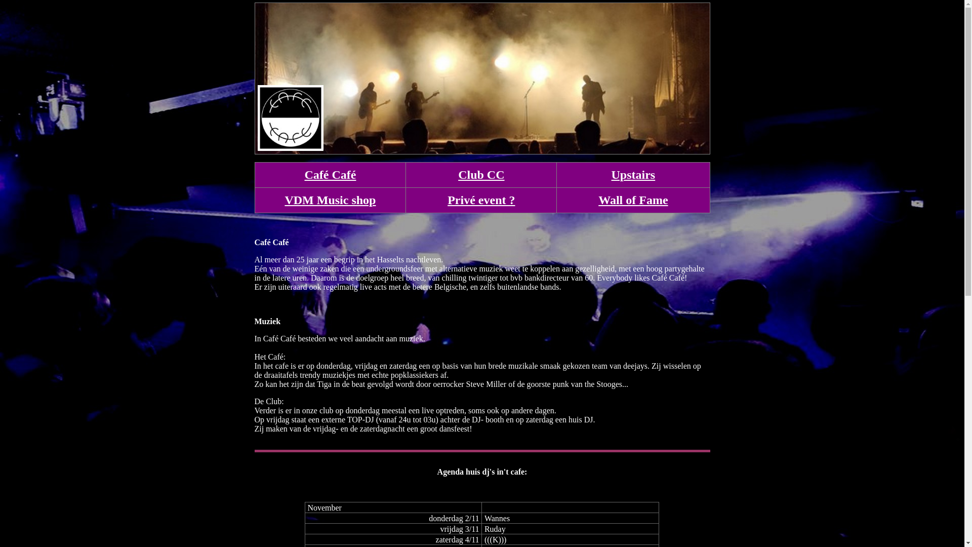  I want to click on 'Club CC', so click(480, 174).